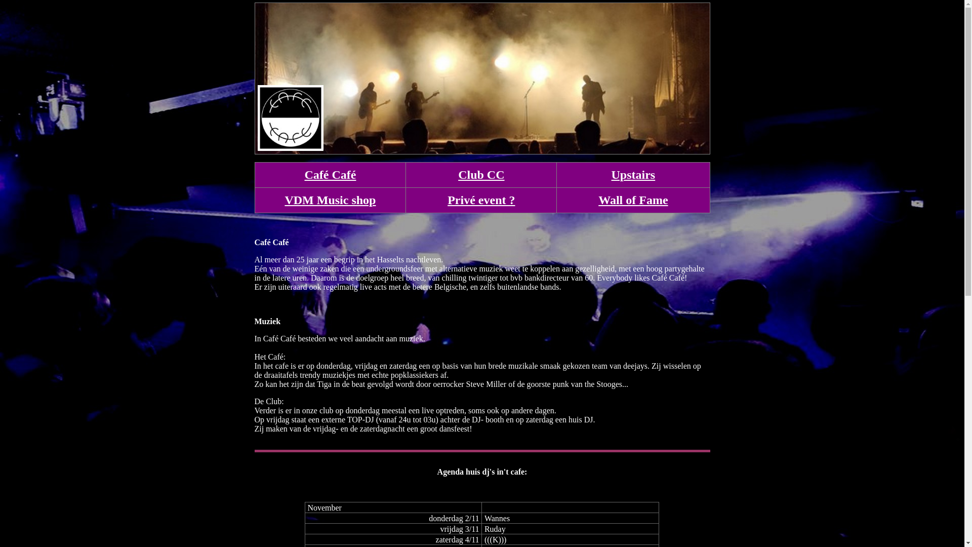  I want to click on 'Club CC', so click(480, 174).